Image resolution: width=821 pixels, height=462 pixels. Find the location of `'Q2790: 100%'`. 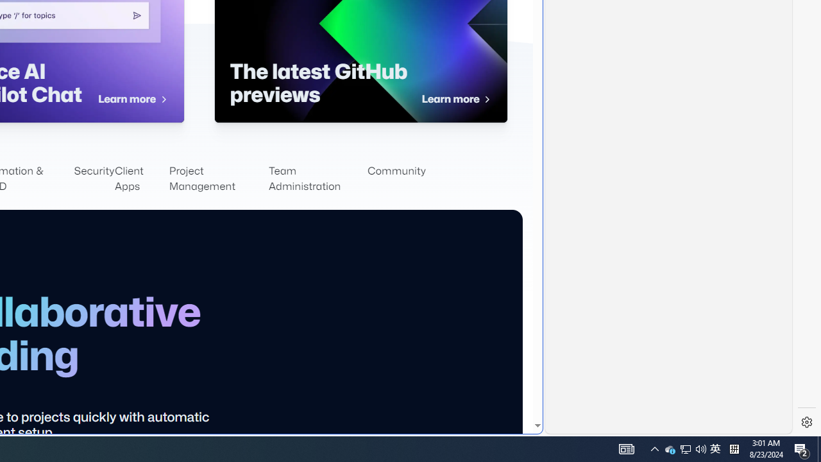

'Q2790: 100%' is located at coordinates (700, 448).